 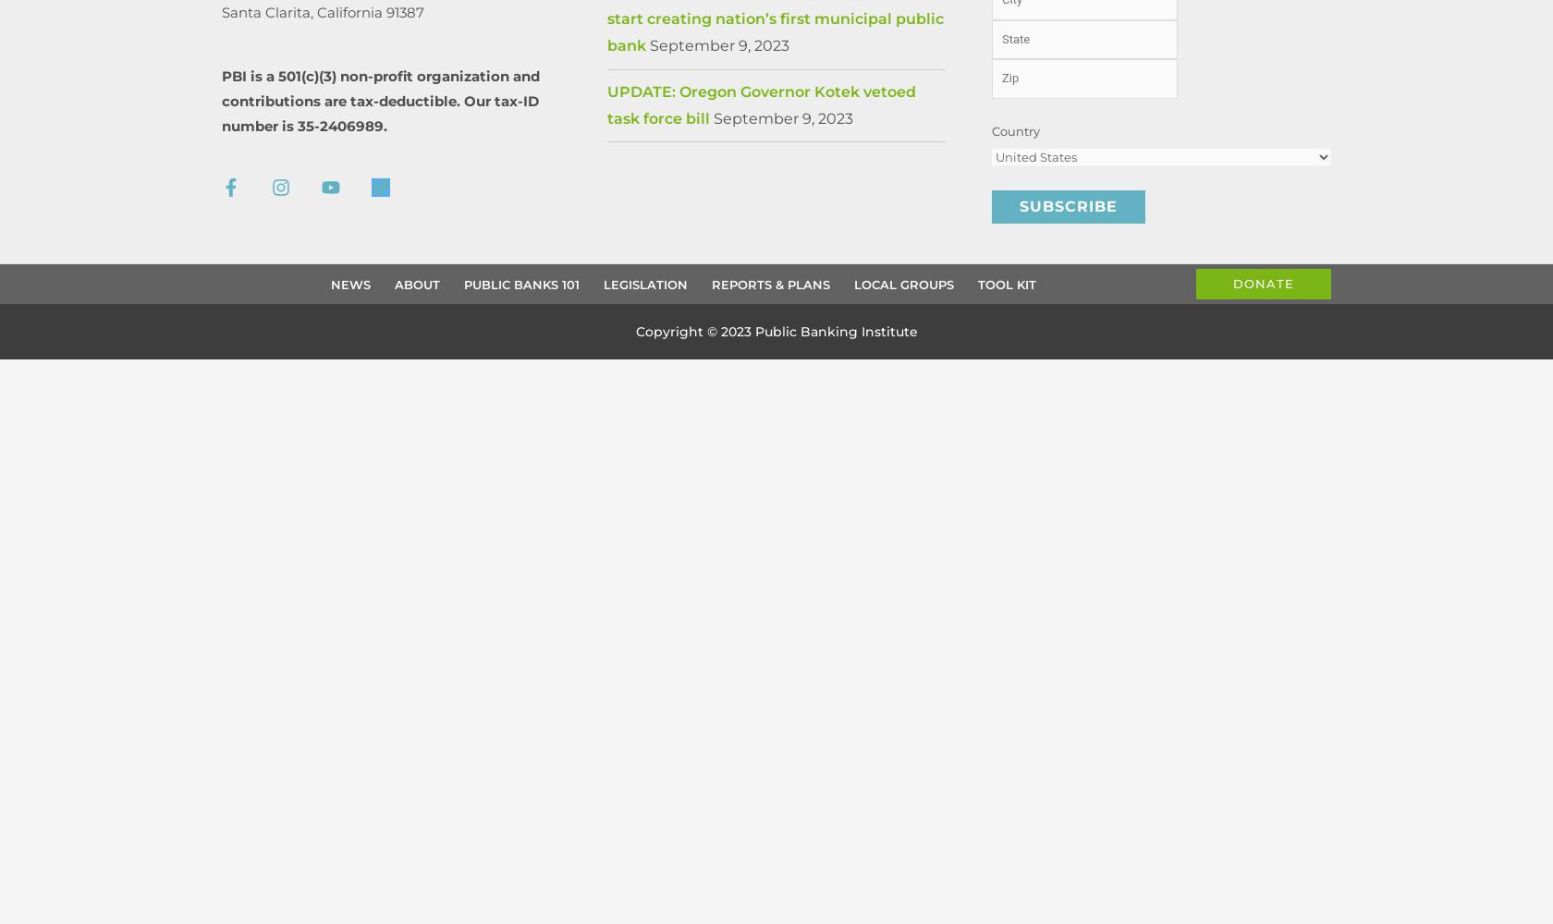 What do you see at coordinates (1016, 131) in the screenshot?
I see `'Country'` at bounding box center [1016, 131].